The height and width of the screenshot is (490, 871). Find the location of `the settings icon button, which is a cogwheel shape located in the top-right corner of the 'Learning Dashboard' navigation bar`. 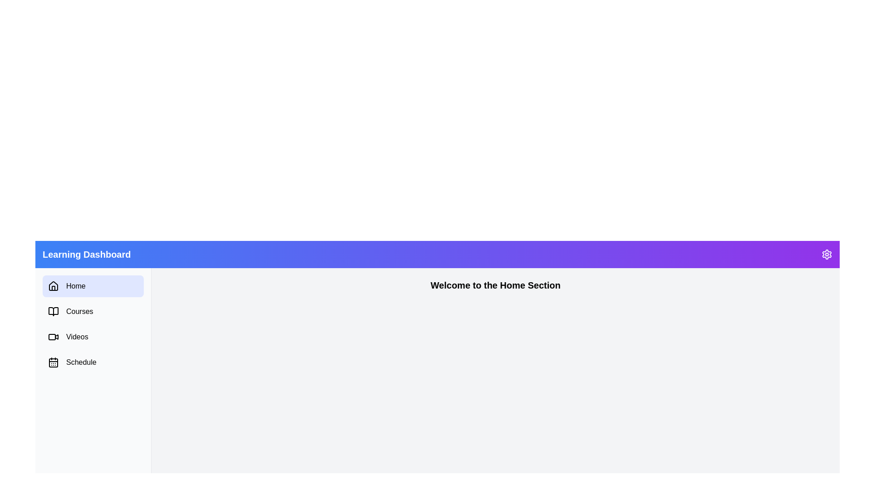

the settings icon button, which is a cogwheel shape located in the top-right corner of the 'Learning Dashboard' navigation bar is located at coordinates (827, 254).